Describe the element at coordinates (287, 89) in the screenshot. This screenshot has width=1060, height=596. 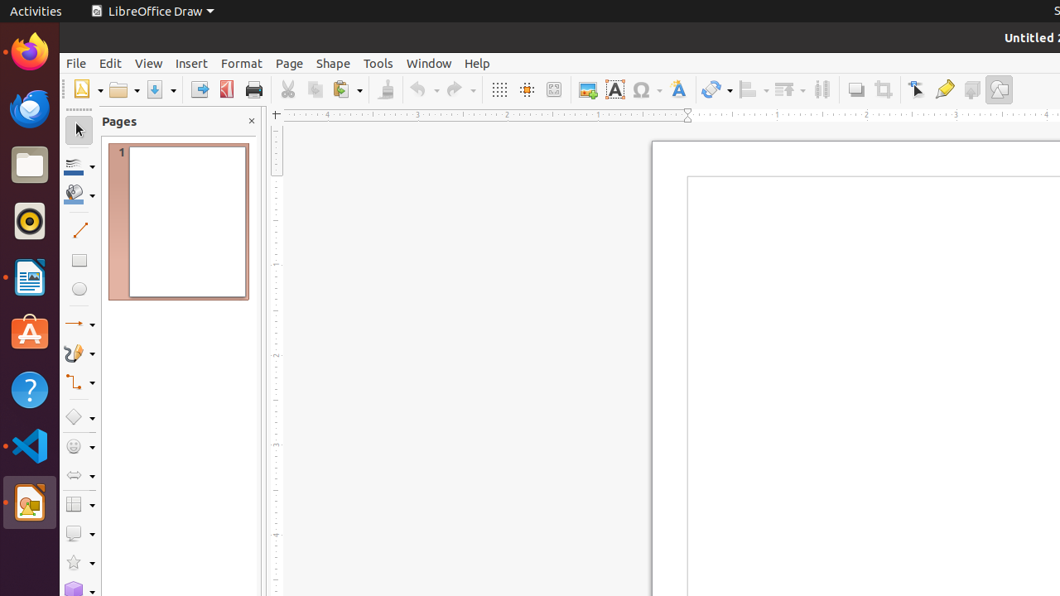
I see `'Cut'` at that location.